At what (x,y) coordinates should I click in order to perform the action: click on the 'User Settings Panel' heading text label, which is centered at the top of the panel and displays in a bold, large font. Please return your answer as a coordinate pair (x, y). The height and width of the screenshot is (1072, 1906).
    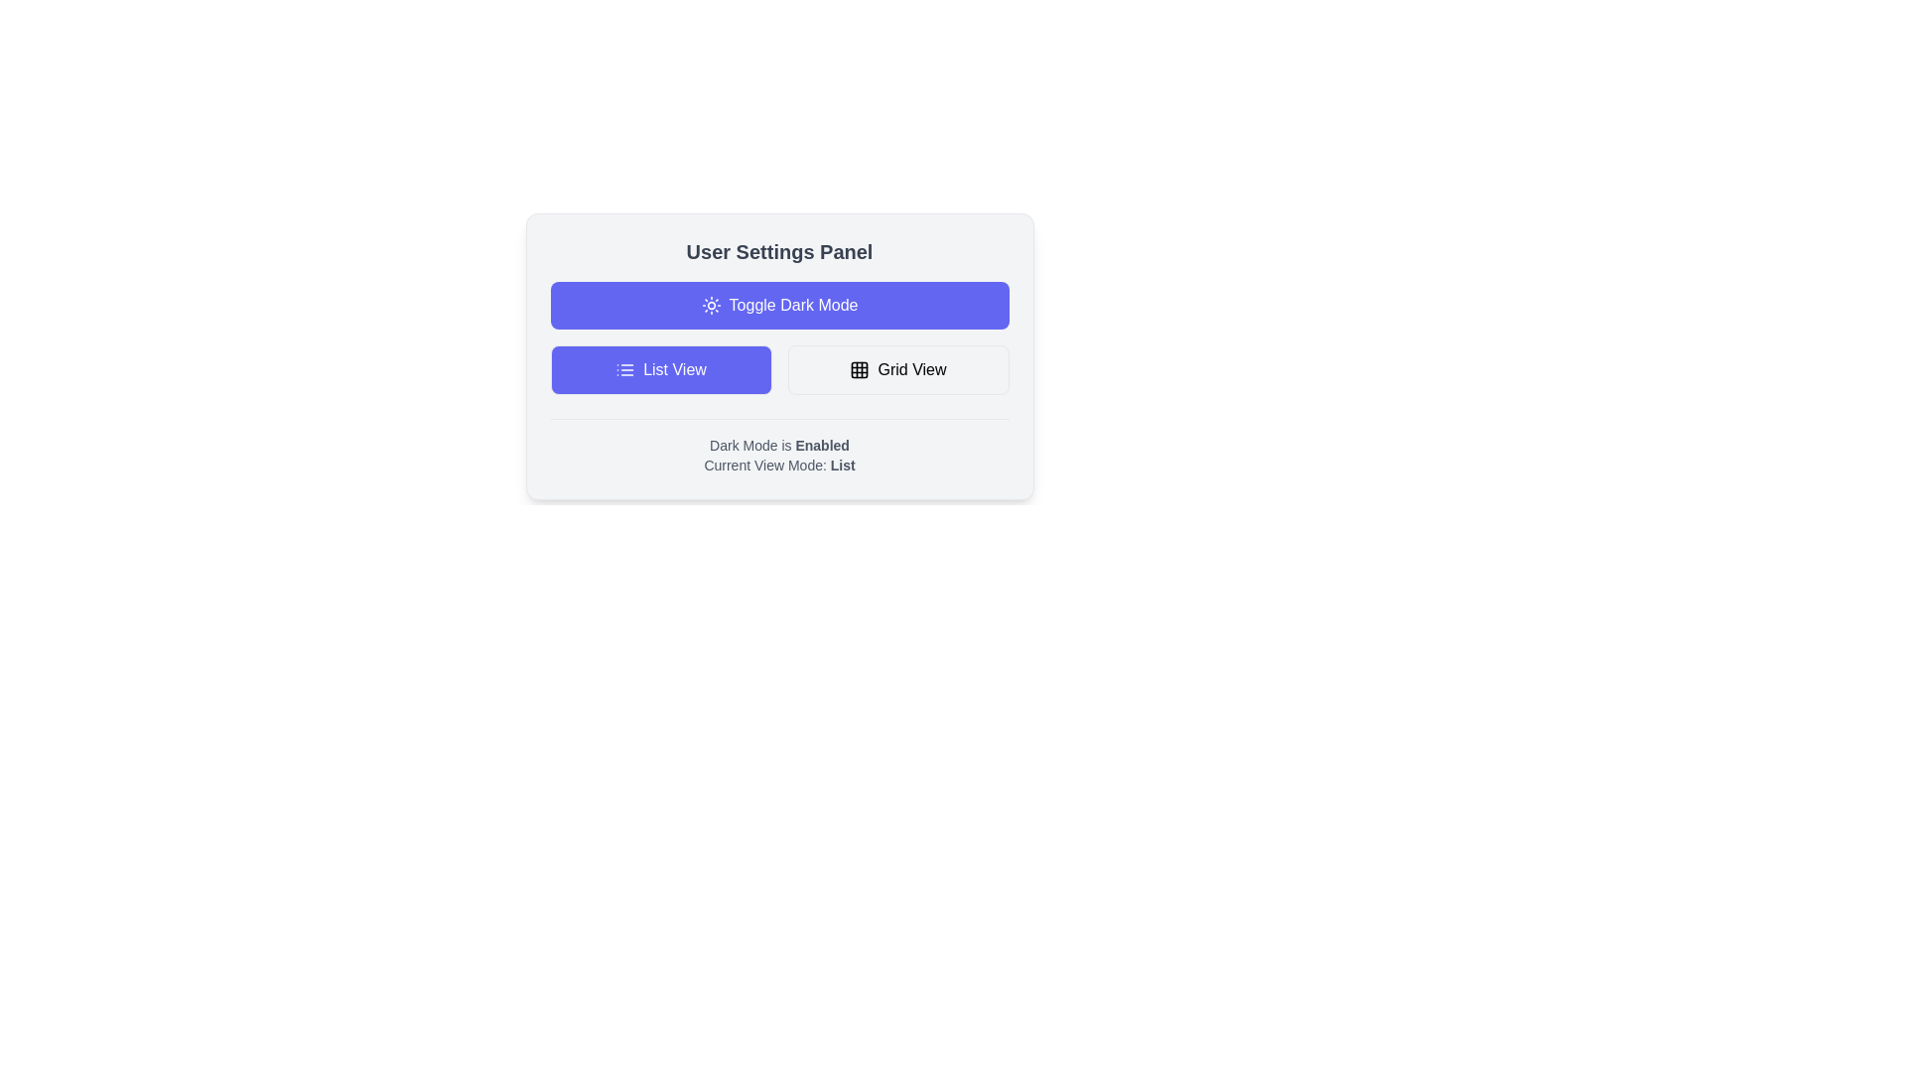
    Looking at the image, I should click on (778, 251).